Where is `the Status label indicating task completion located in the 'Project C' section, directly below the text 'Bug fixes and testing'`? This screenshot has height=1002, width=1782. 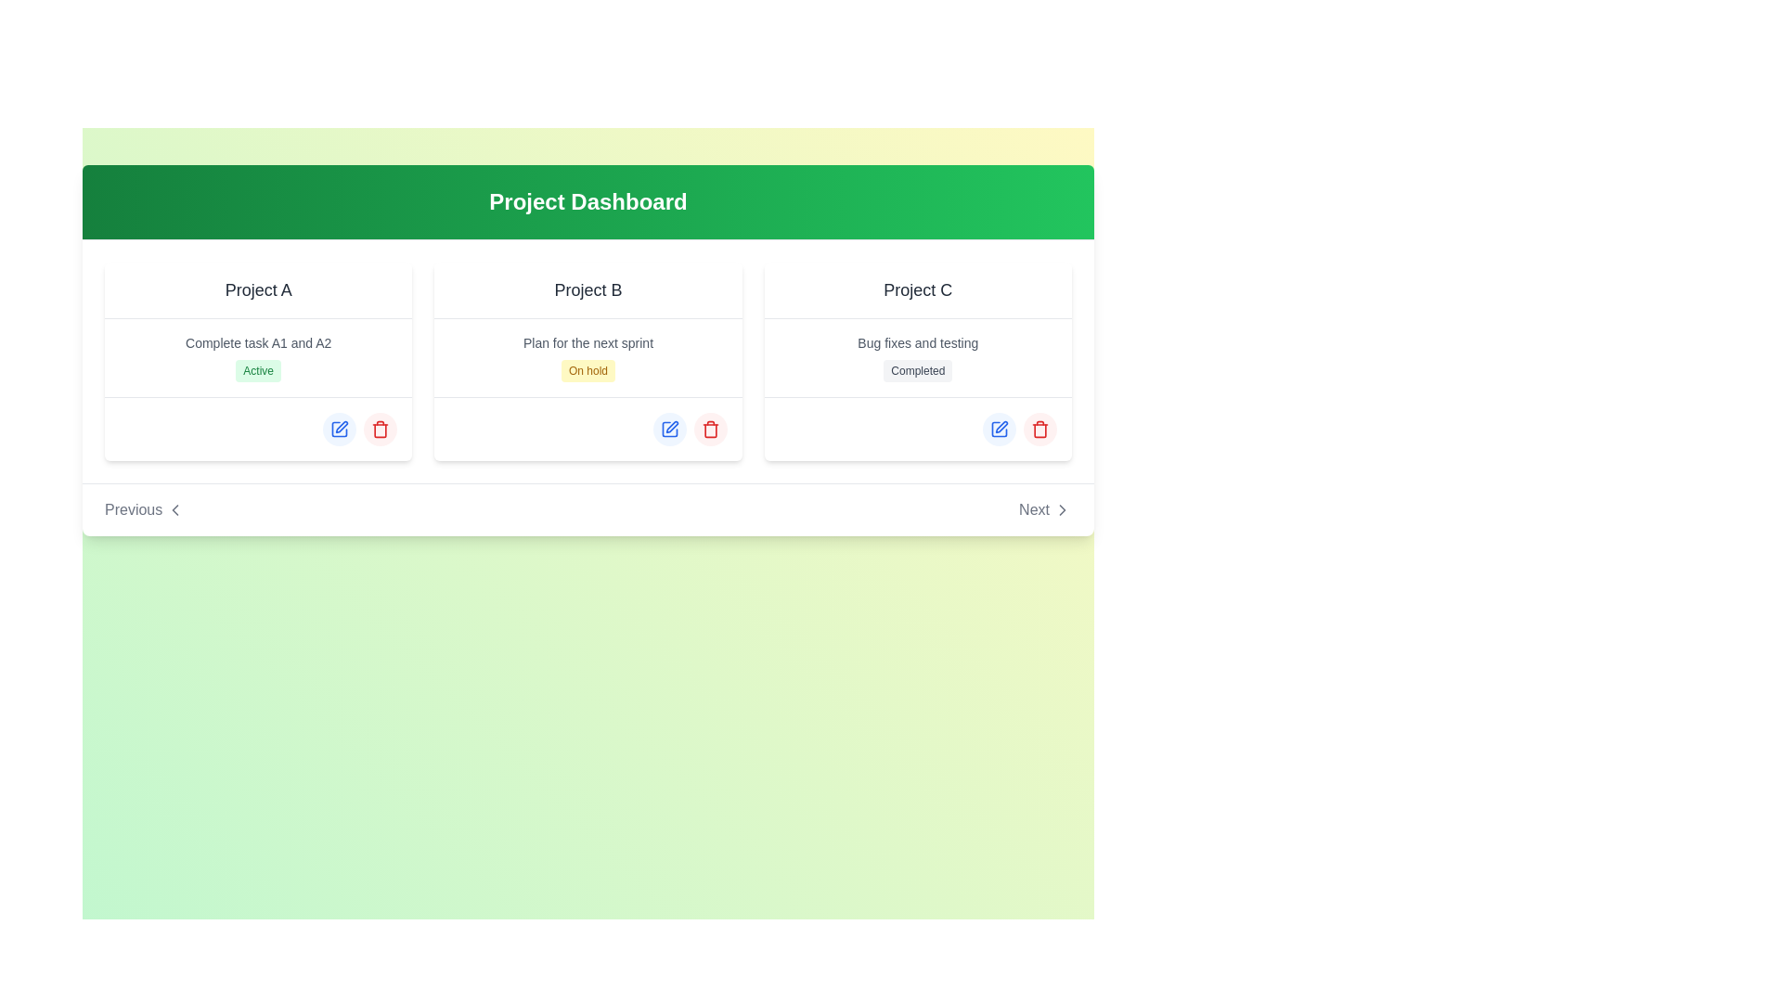
the Status label indicating task completion located in the 'Project C' section, directly below the text 'Bug fixes and testing' is located at coordinates (918, 371).